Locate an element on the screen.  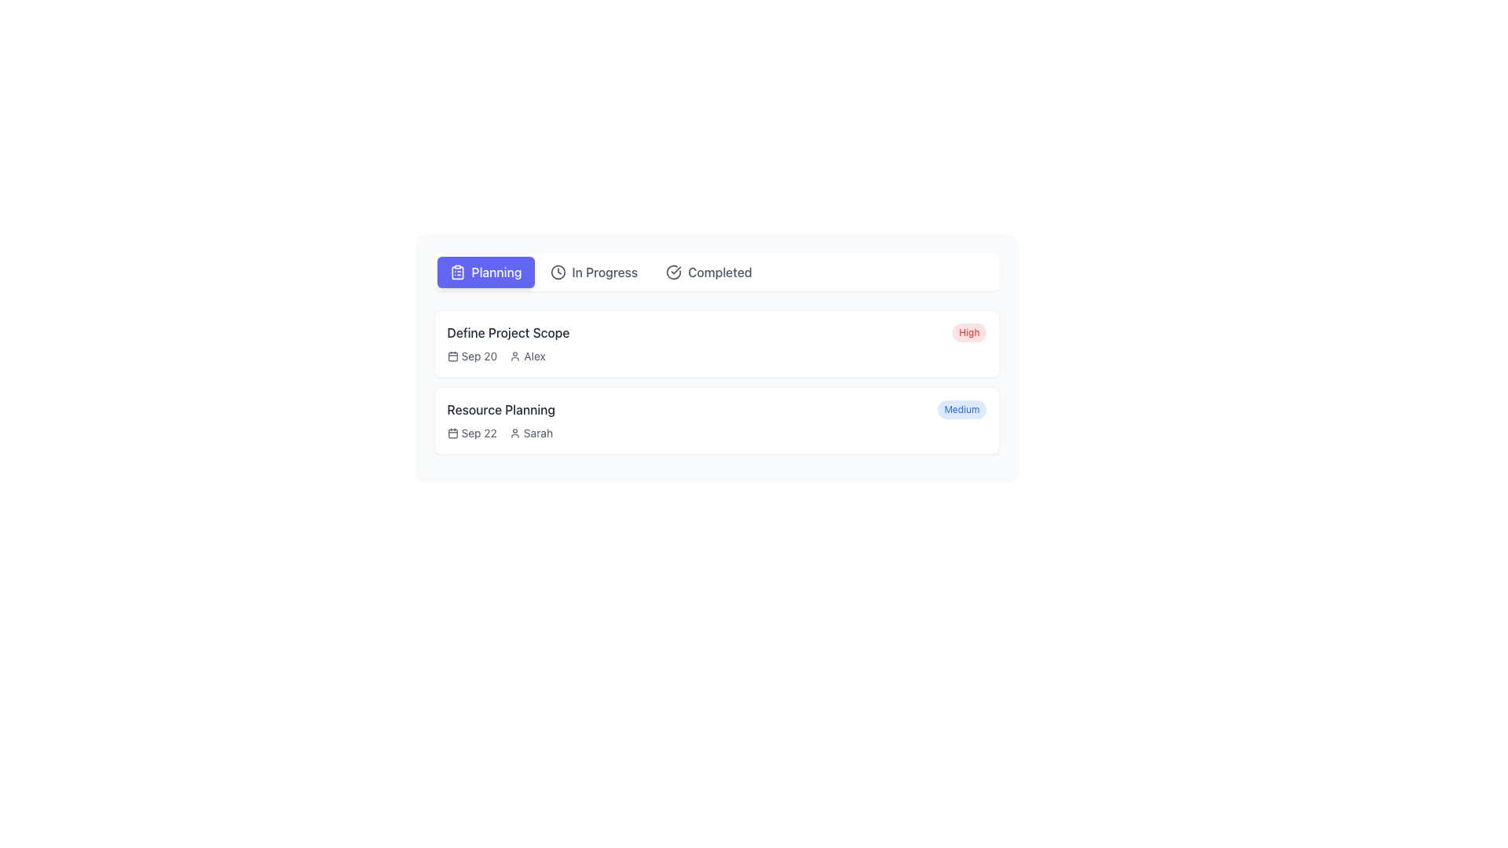
the 'Completed' button is located at coordinates (708, 272).